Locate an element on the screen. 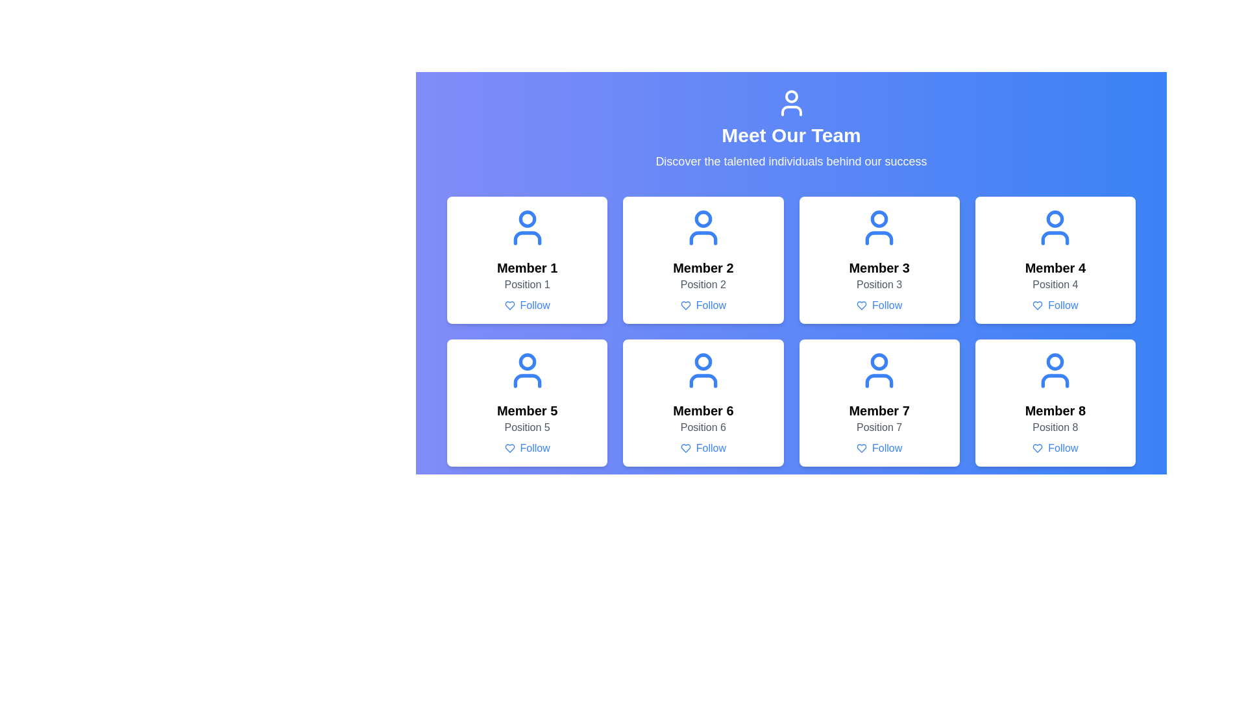  the text label that provides information about the position of the person represented in the third card from the left in the top row of a grid layout is located at coordinates (879, 284).